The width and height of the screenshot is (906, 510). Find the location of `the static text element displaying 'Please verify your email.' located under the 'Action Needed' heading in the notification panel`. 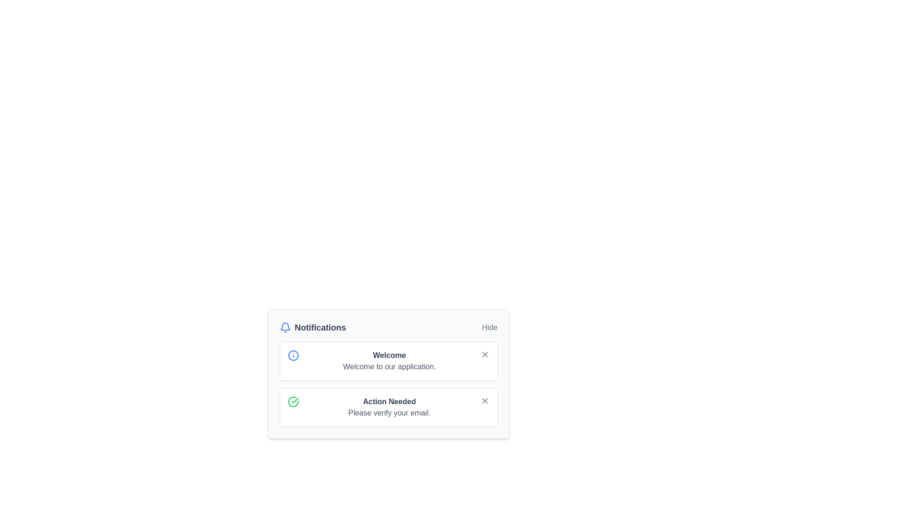

the static text element displaying 'Please verify your email.' located under the 'Action Needed' heading in the notification panel is located at coordinates (389, 413).